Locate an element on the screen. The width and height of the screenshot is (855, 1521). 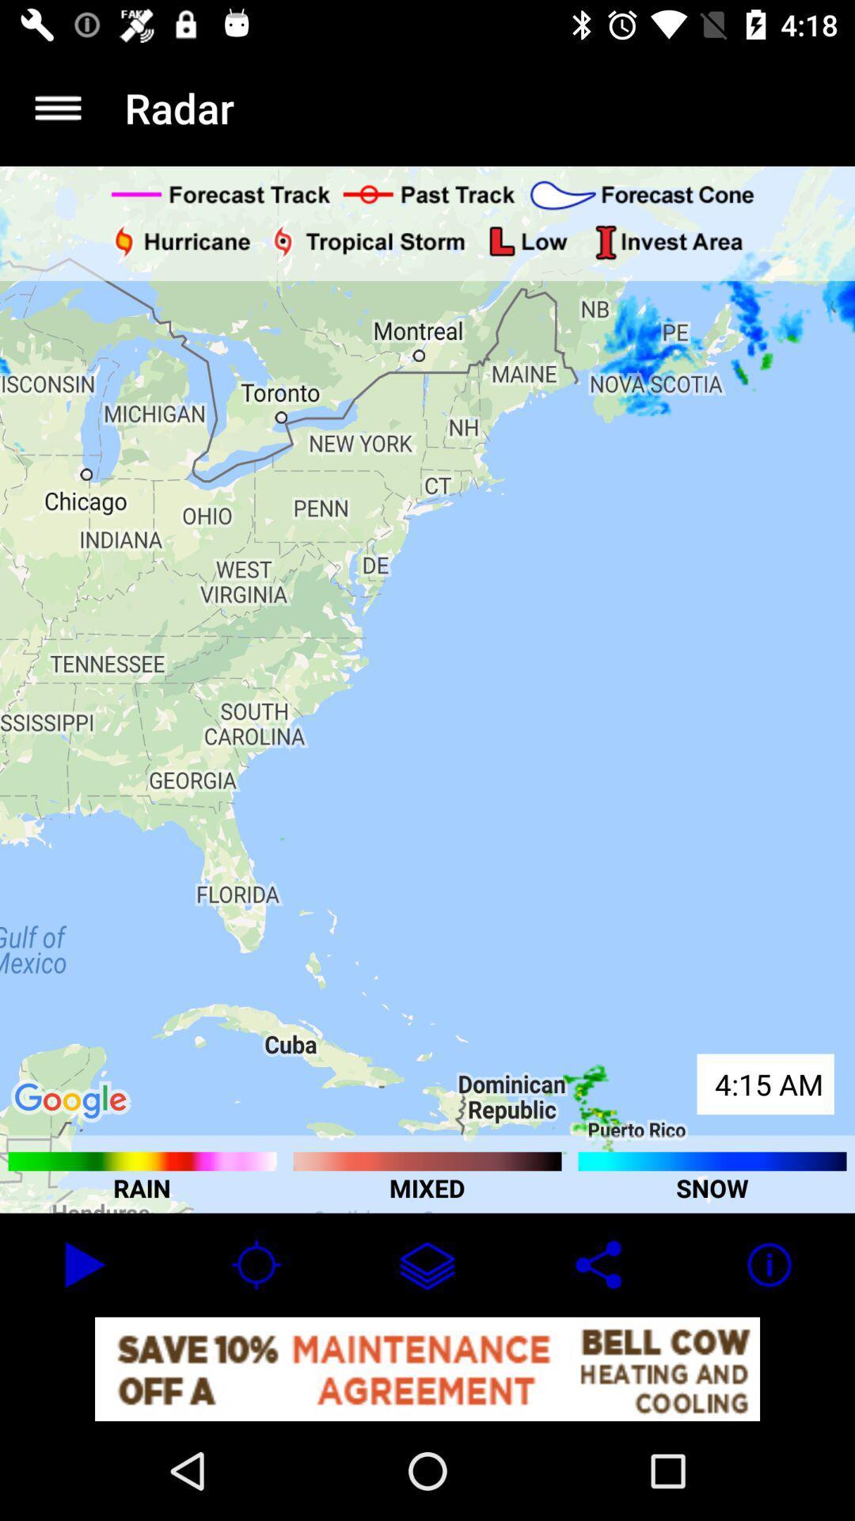
show menu is located at coordinates (57, 107).